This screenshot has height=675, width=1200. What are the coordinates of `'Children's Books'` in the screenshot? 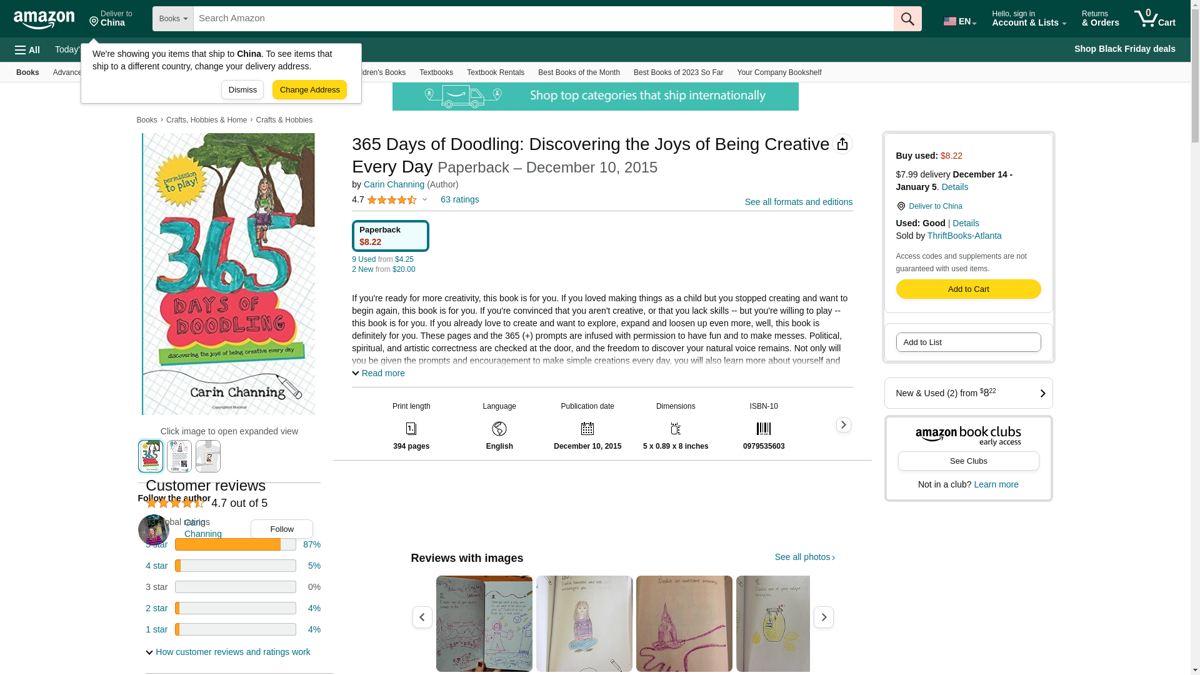 It's located at (377, 72).